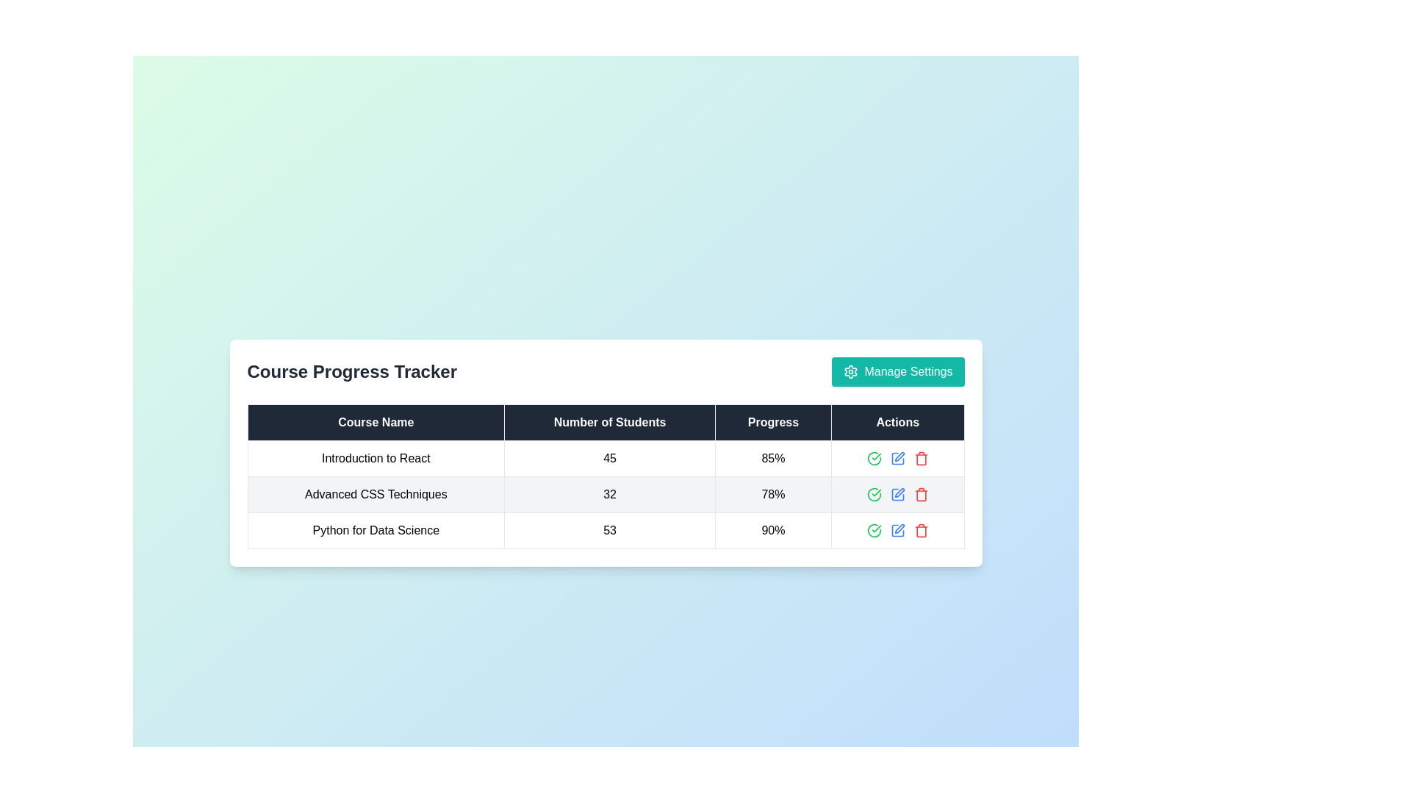 The width and height of the screenshot is (1411, 794). I want to click on the Icon button in the 'Actions' column of the table for the 'Python for Data Science' course, so click(874, 530).